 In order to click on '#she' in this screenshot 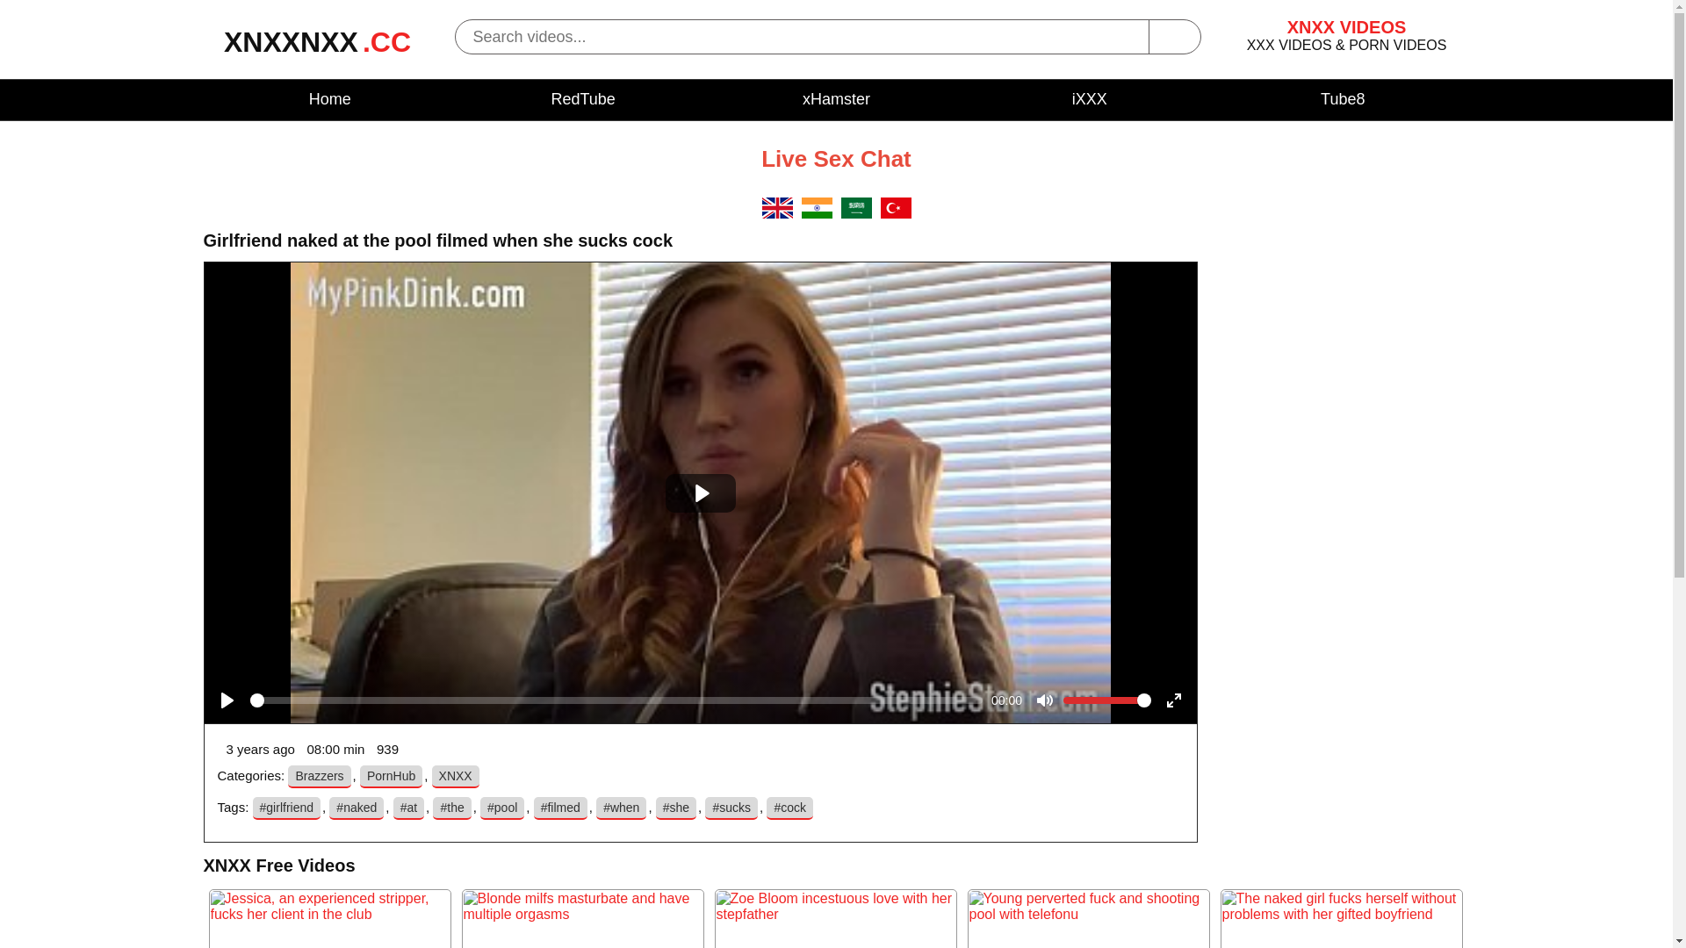, I will do `click(674, 808)`.